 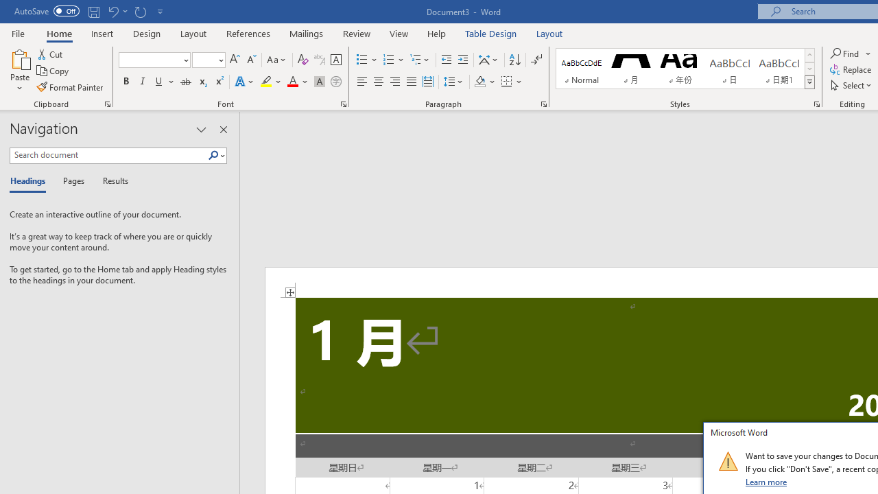 What do you see at coordinates (202, 82) in the screenshot?
I see `'Subscript'` at bounding box center [202, 82].